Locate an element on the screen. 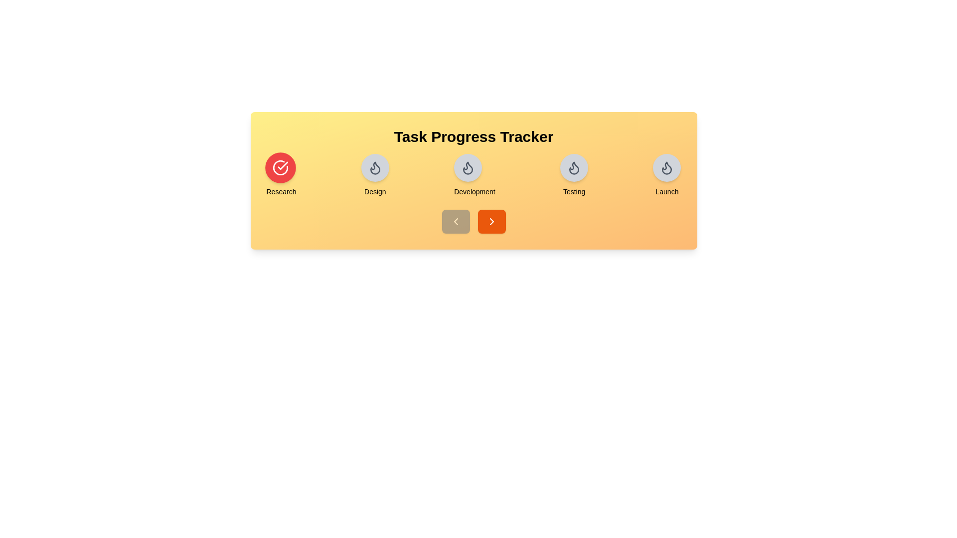 The height and width of the screenshot is (538, 957). the 'Design' text label in the task progress tracker interface, which is styled in a small sans-serif font and is the second item among five stages is located at coordinates (374, 192).